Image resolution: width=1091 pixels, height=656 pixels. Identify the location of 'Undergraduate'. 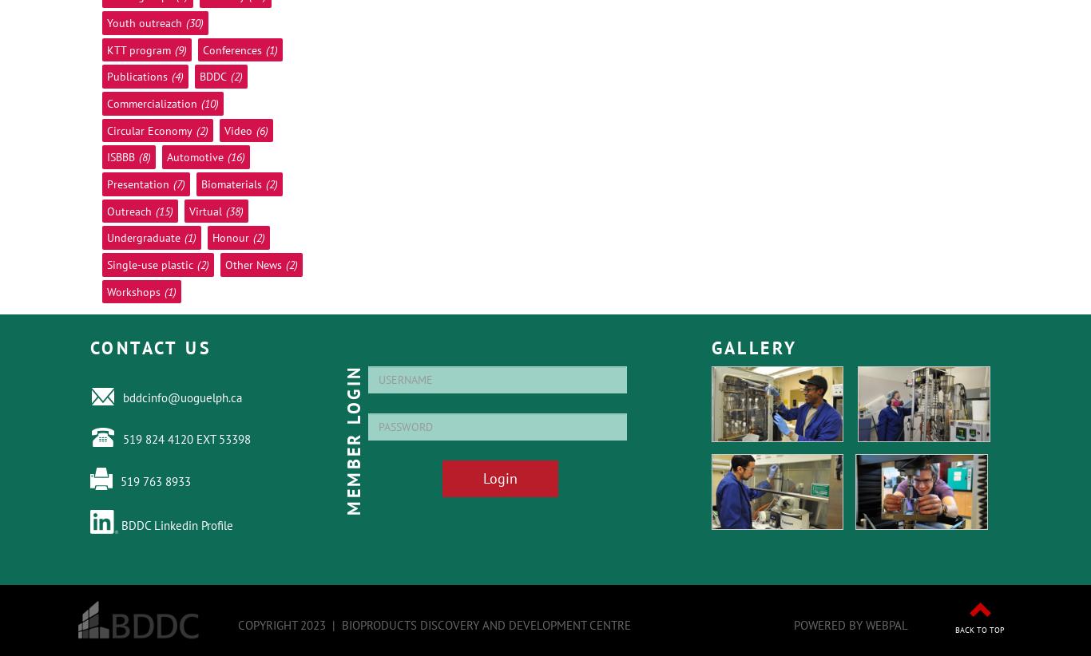
(143, 237).